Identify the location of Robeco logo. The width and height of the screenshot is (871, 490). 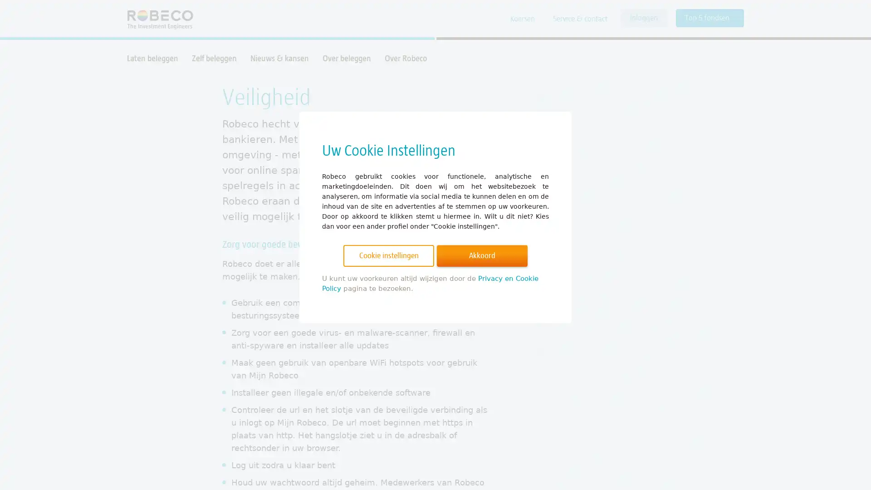
(156, 19).